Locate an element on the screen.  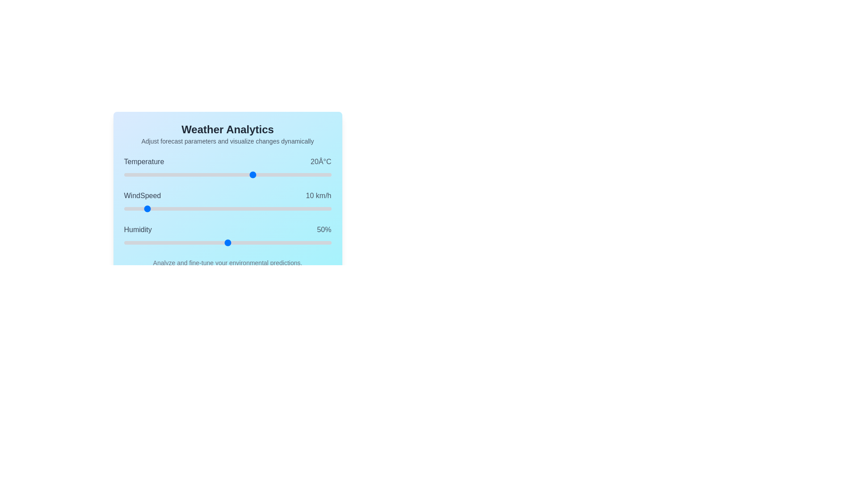
the temperature slider to set the value to 24°C is located at coordinates (263, 174).